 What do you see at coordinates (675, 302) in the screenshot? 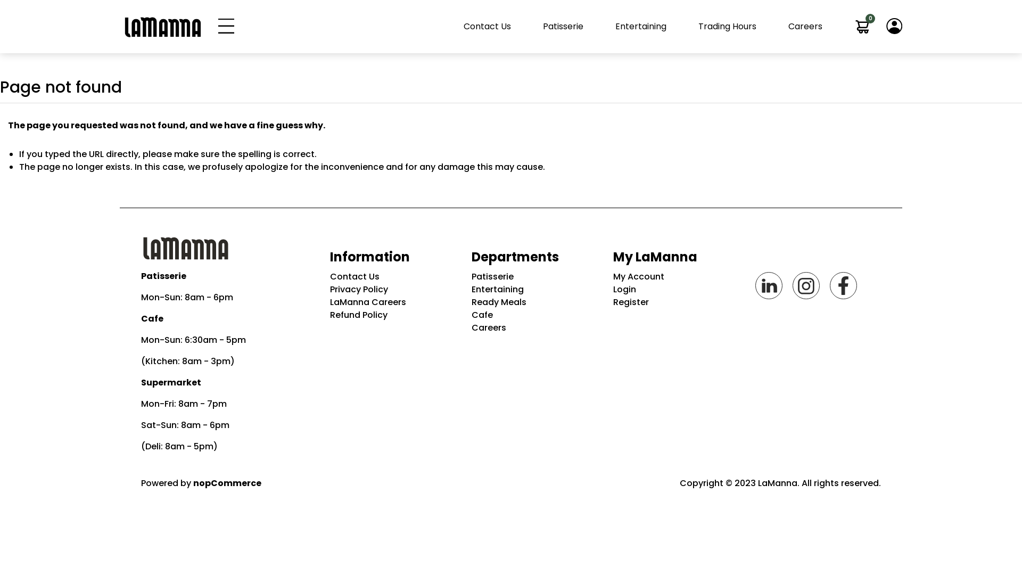
I see `'Register'` at bounding box center [675, 302].